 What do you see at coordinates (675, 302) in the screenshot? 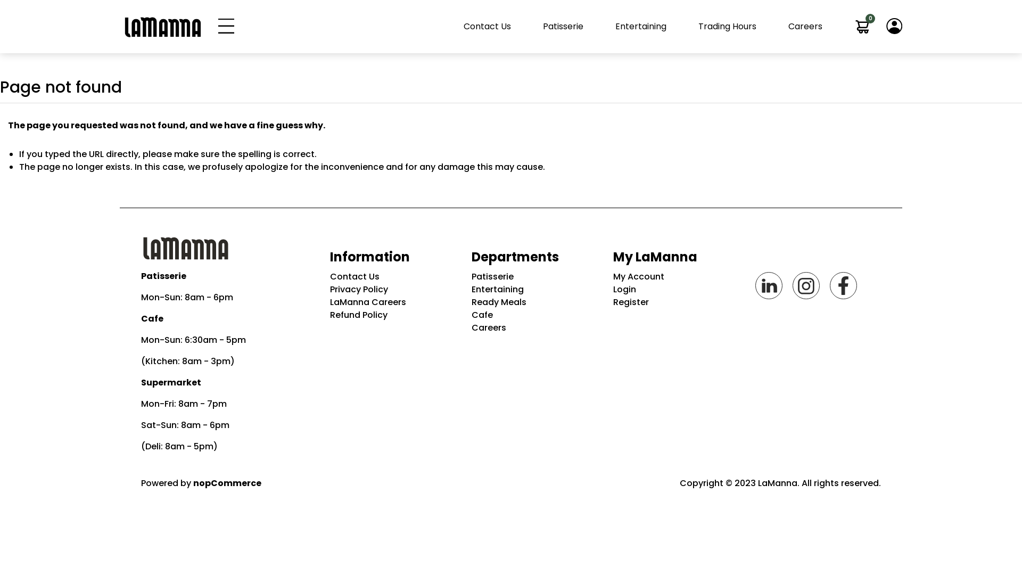
I see `'Register'` at bounding box center [675, 302].